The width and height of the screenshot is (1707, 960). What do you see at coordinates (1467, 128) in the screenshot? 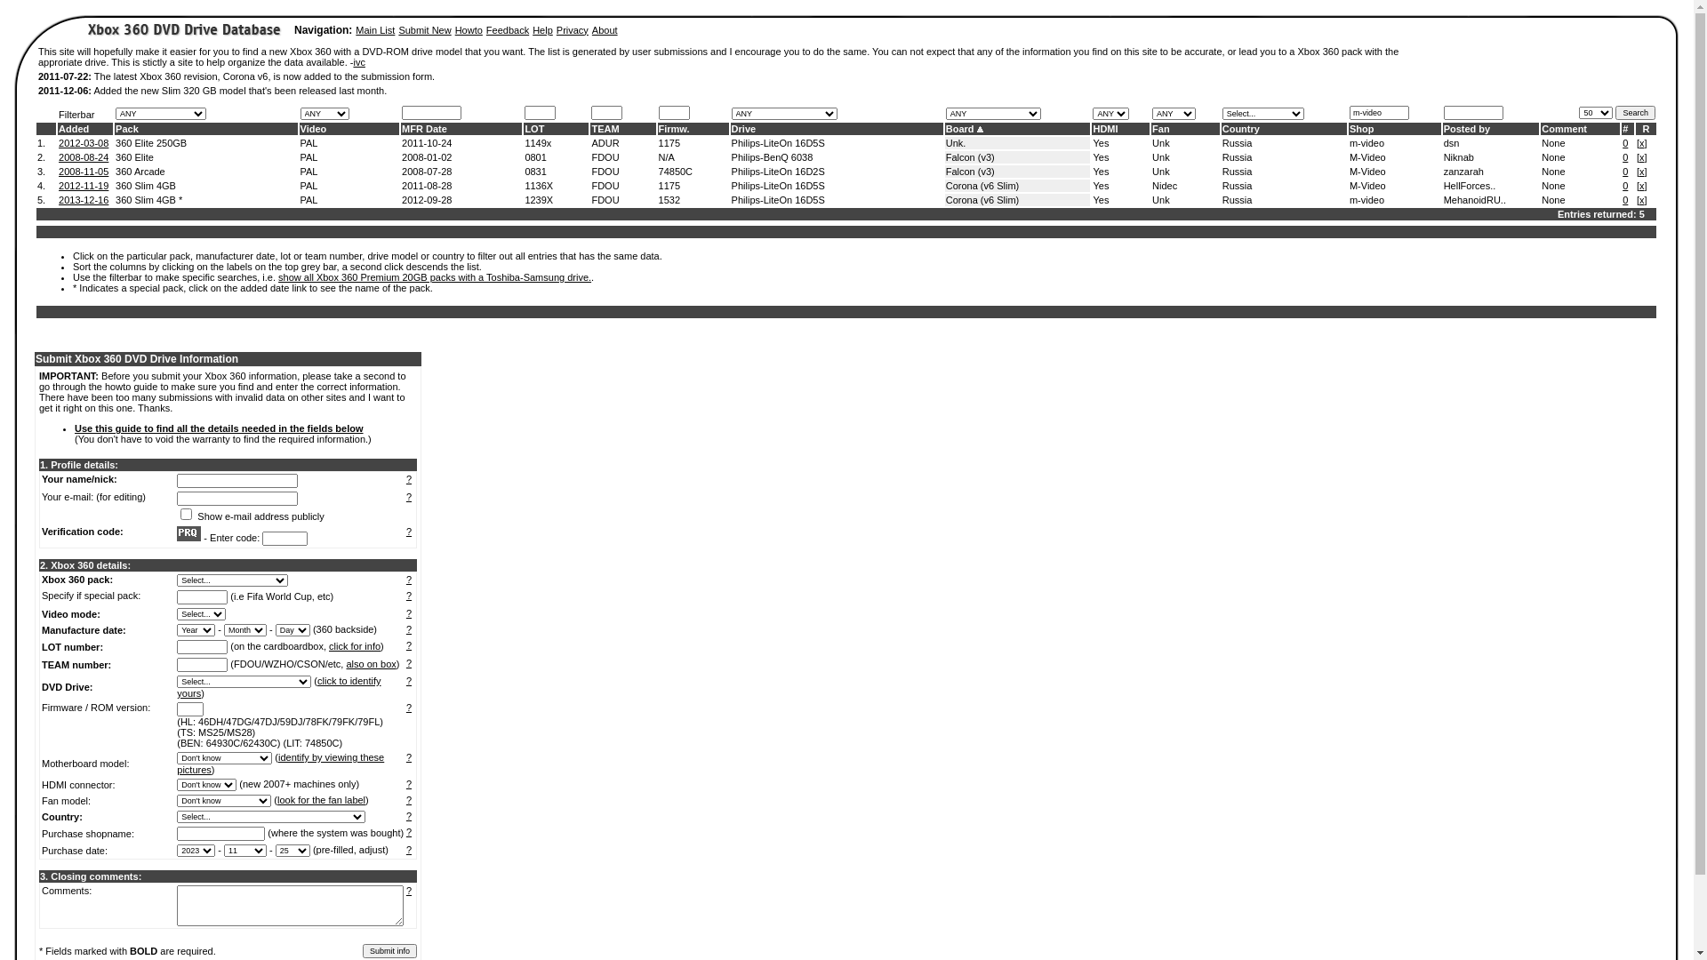
I see `'Posted by'` at bounding box center [1467, 128].